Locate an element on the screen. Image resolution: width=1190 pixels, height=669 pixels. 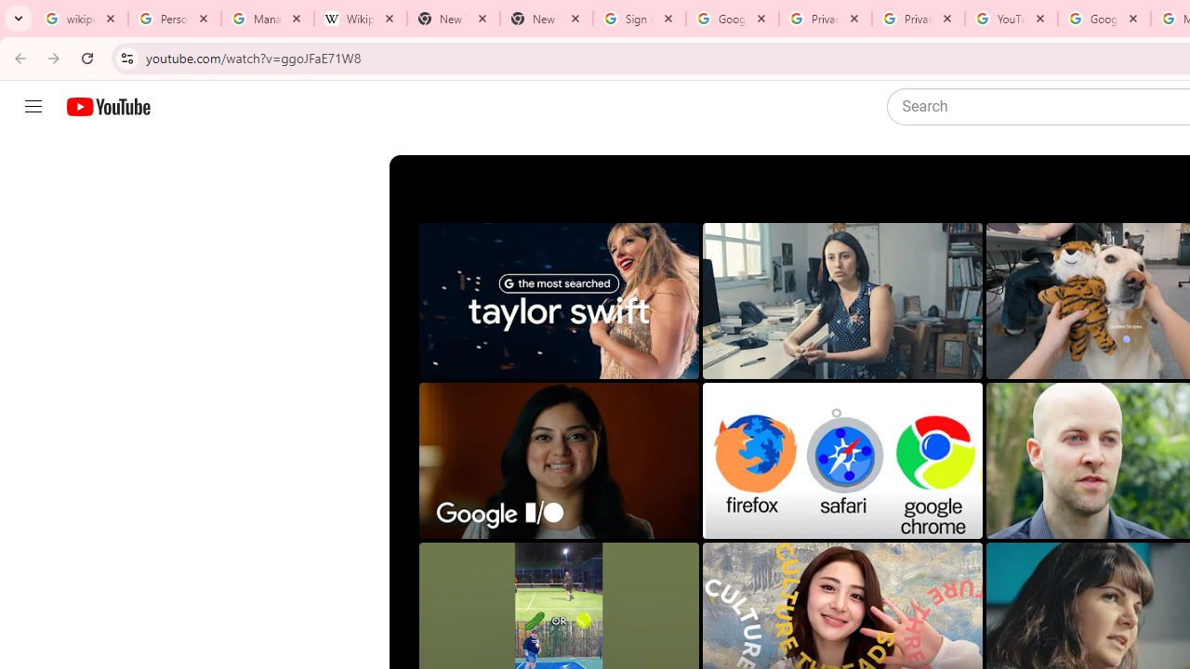
'Guide' is located at coordinates (33, 107).